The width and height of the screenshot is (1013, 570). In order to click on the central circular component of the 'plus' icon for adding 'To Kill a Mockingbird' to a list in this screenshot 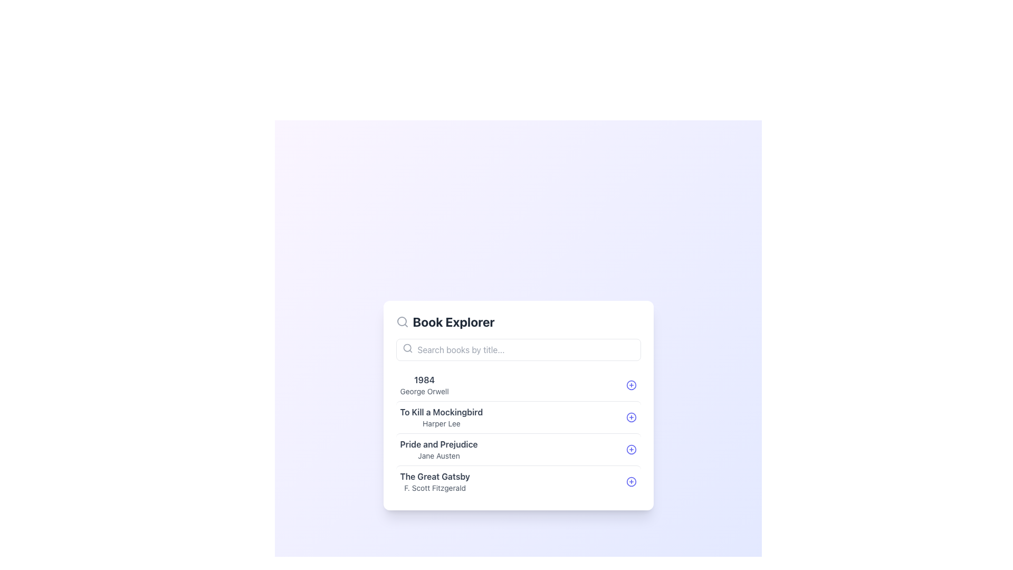, I will do `click(631, 416)`.